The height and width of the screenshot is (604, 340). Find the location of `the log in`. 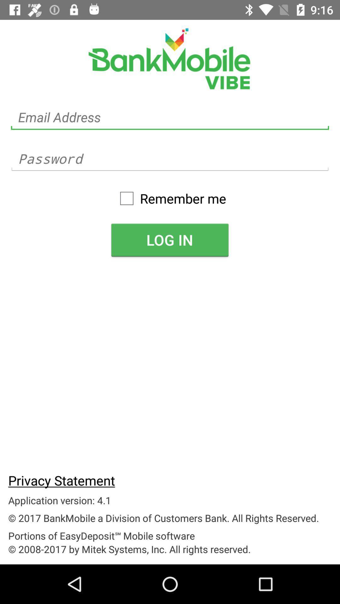

the log in is located at coordinates (169, 239).